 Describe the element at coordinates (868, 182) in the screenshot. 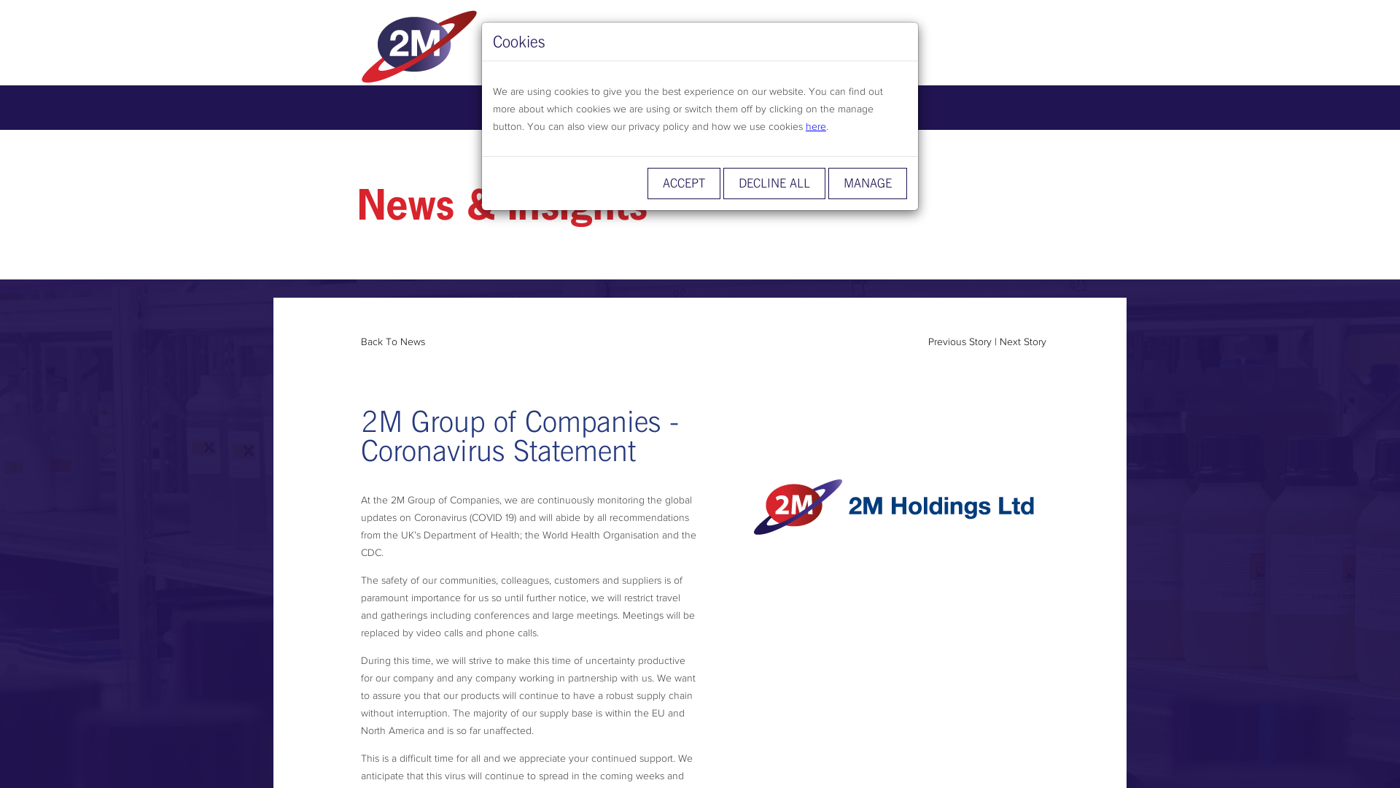

I see `'MANAGE'` at that location.